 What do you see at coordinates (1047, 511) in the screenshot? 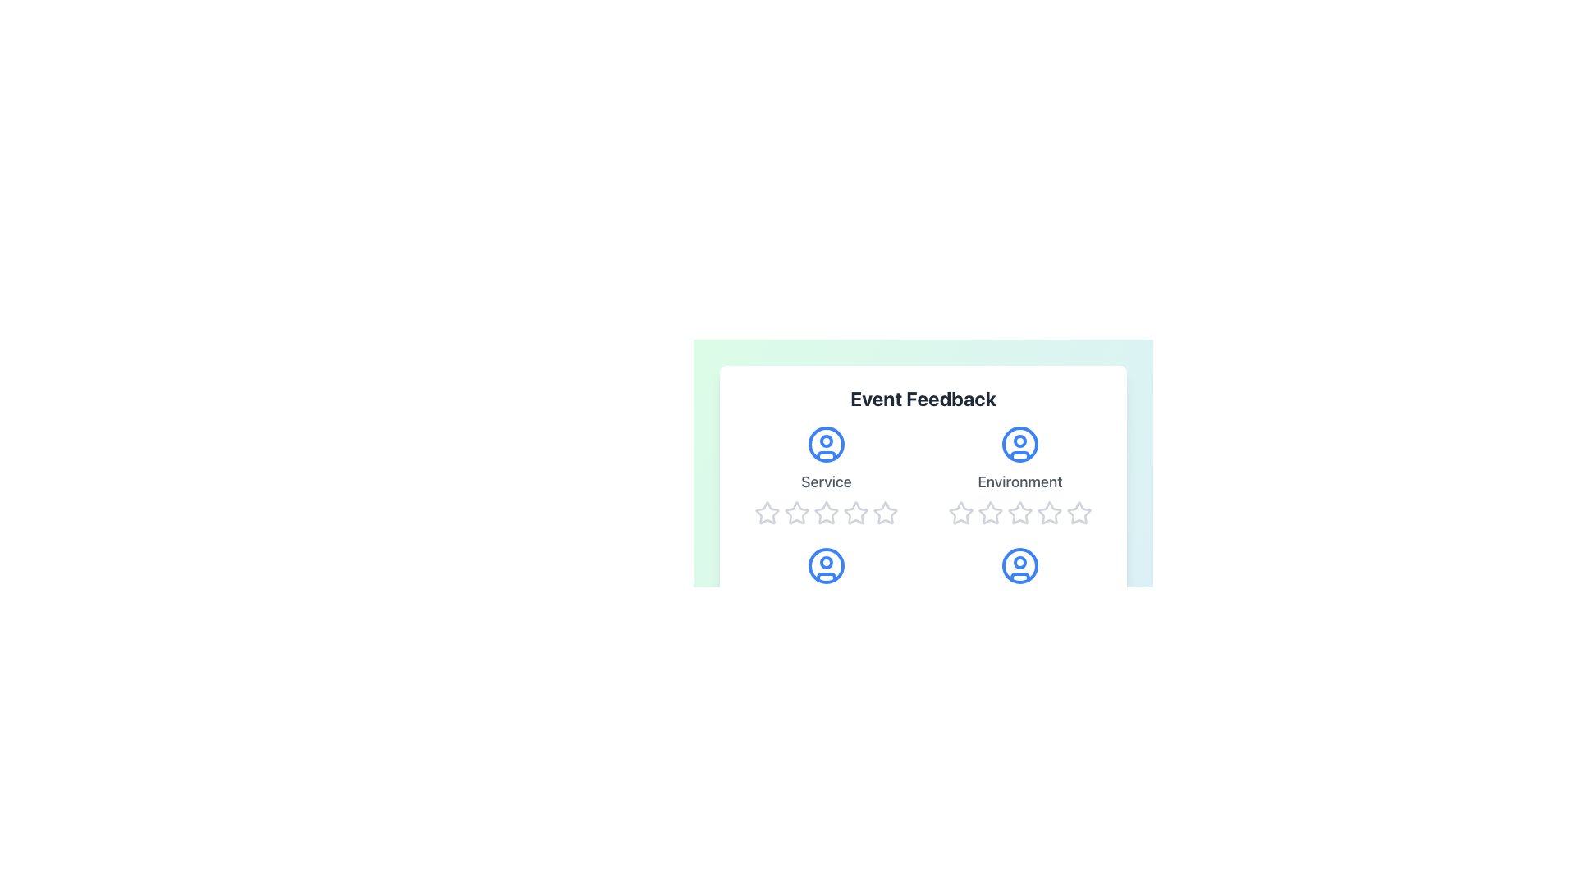
I see `the third star in the row of five stars under the 'Environment' category in the 'Event Feedback' interface to rate it` at bounding box center [1047, 511].